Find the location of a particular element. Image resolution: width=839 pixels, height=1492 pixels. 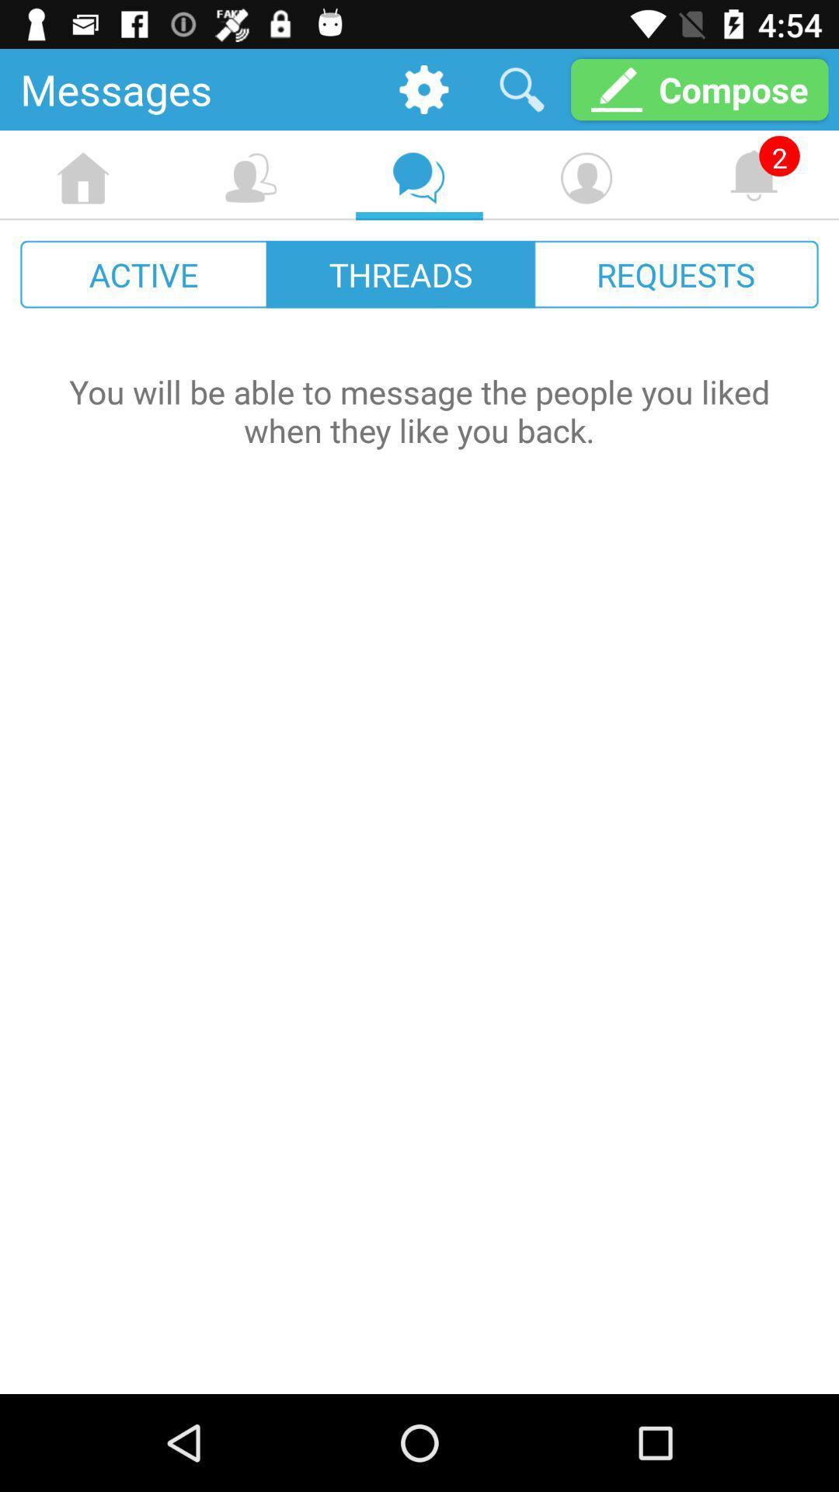

the item to the left of requests is located at coordinates (400, 274).